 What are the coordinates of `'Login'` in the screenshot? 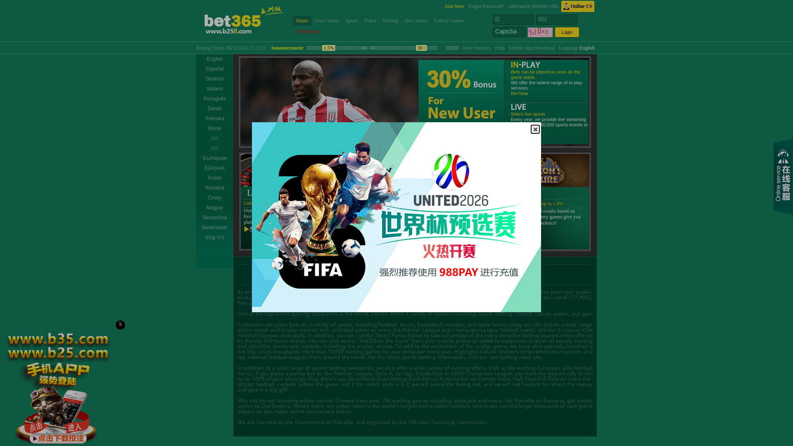 It's located at (566, 31).